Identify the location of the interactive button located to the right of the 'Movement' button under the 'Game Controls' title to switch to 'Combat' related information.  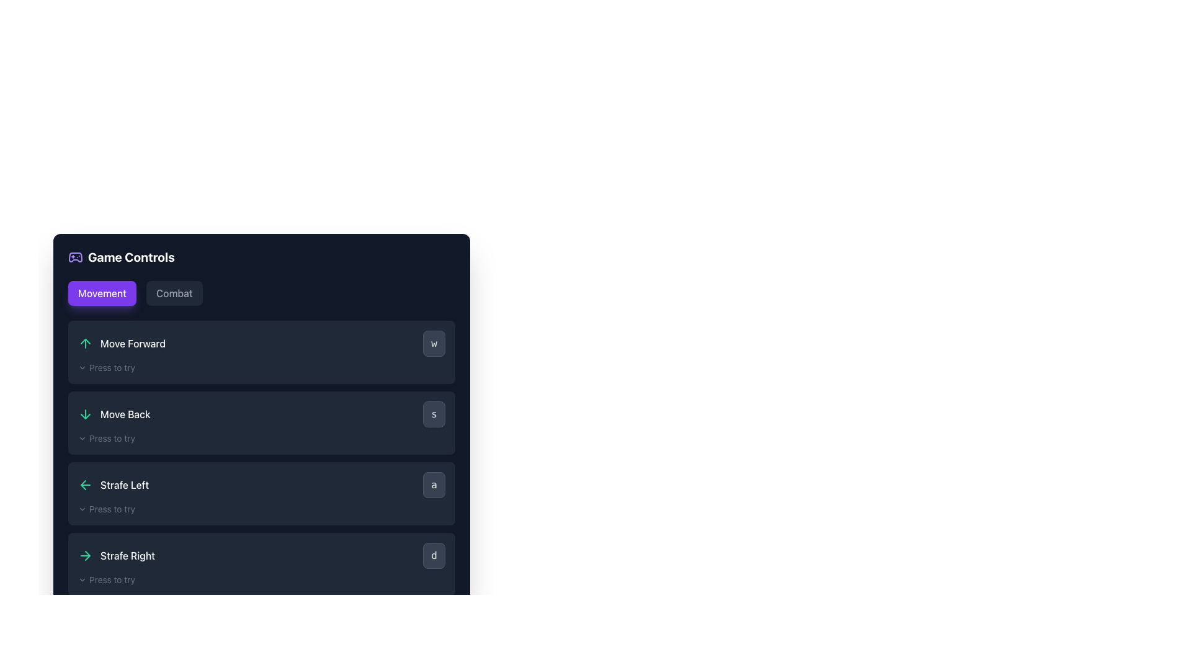
(174, 293).